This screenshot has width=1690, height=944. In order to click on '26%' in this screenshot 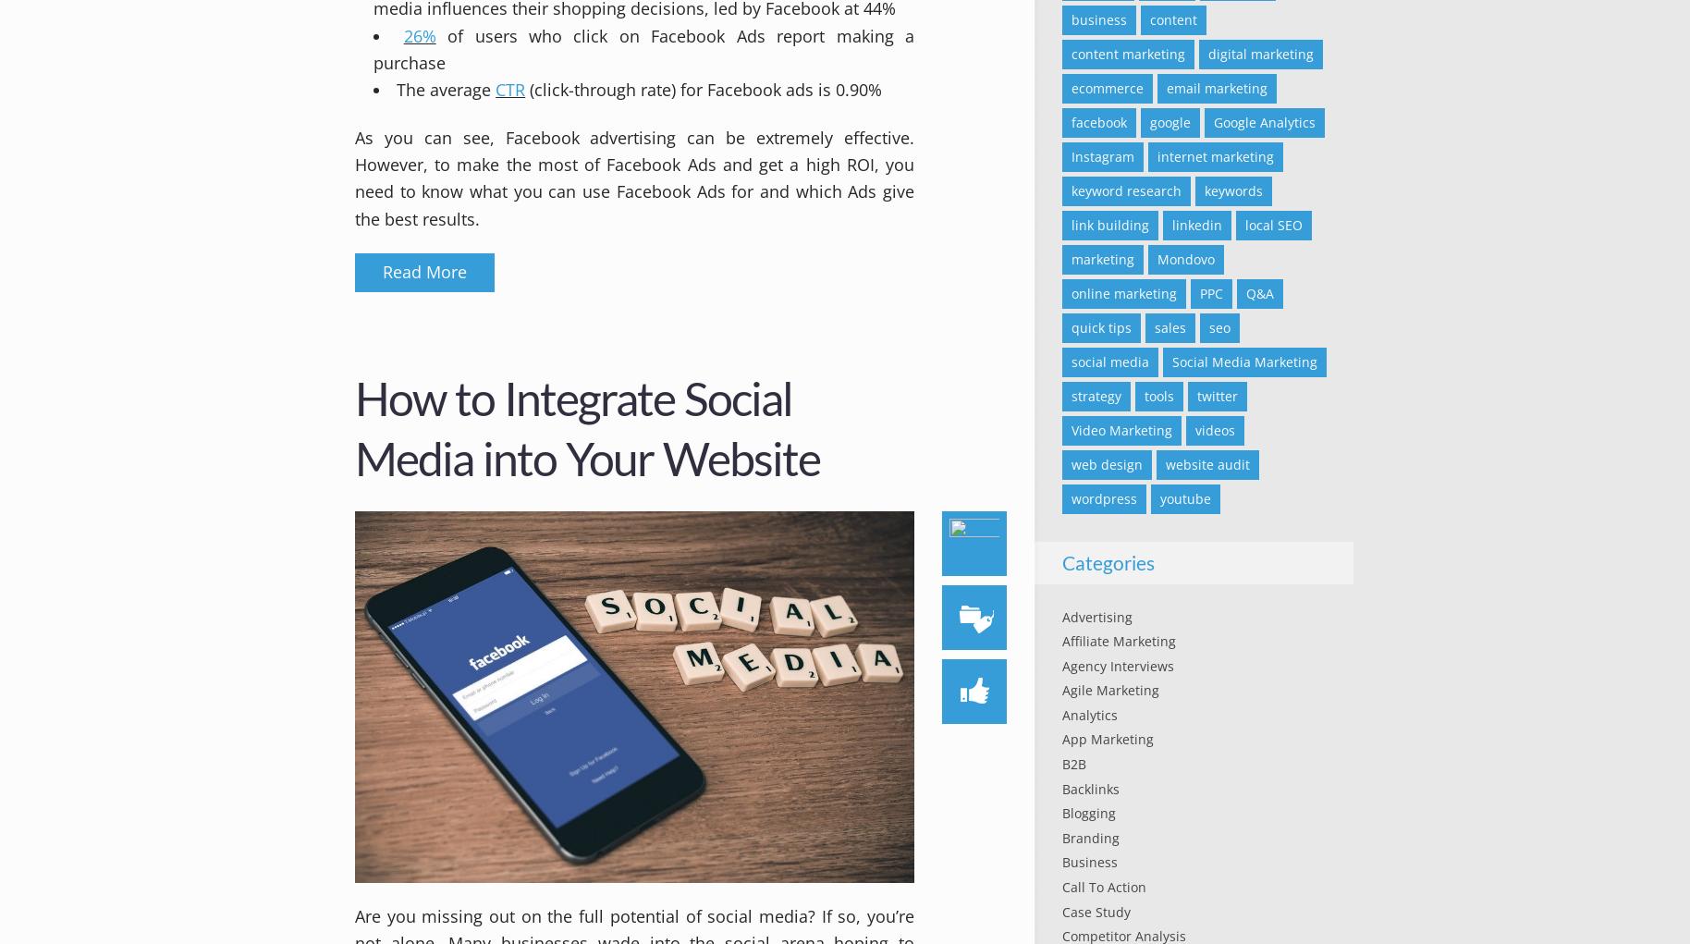, I will do `click(419, 33)`.